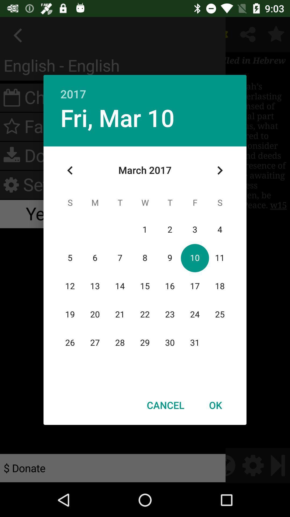 This screenshot has width=290, height=517. I want to click on the 2017 app, so click(145, 88).